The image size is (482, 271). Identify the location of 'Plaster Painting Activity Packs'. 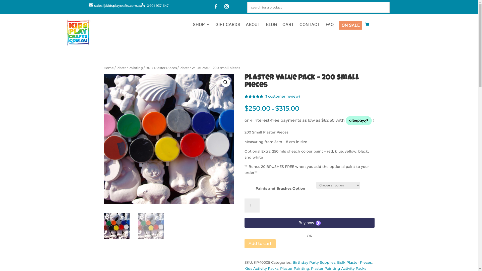
(338, 268).